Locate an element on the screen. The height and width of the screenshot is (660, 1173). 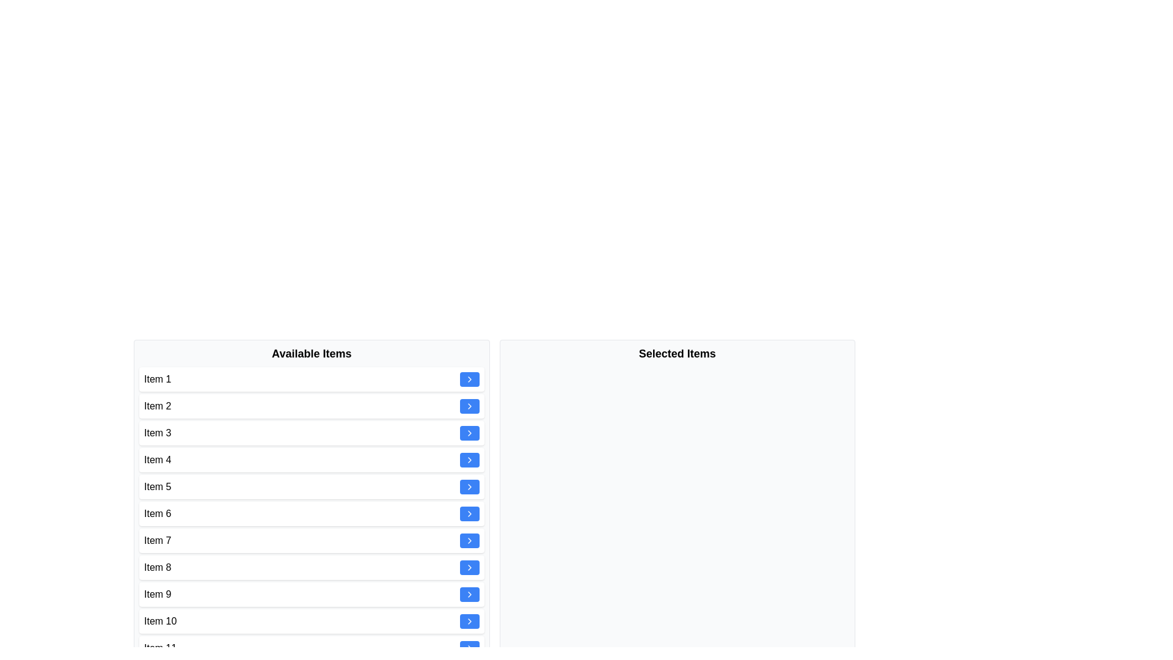
the small rectangular blue button with a white arrow pointing to the right located at the right end of the 'Item 1' row in the 'Available Items' section is located at coordinates (469, 379).